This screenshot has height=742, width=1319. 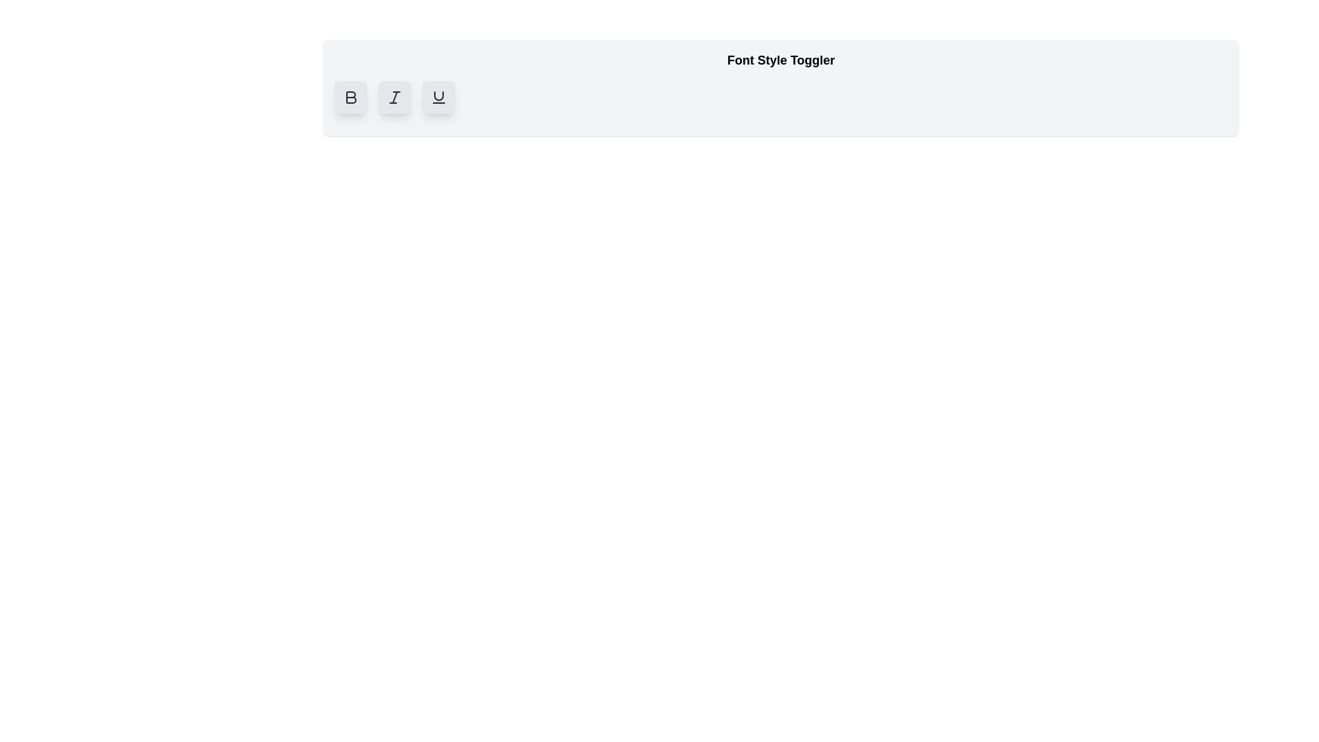 What do you see at coordinates (394, 97) in the screenshot?
I see `the italic style toggle button located at the center of the middle button in a row of three buttons, which is positioned towards the top center of the text editing interface` at bounding box center [394, 97].